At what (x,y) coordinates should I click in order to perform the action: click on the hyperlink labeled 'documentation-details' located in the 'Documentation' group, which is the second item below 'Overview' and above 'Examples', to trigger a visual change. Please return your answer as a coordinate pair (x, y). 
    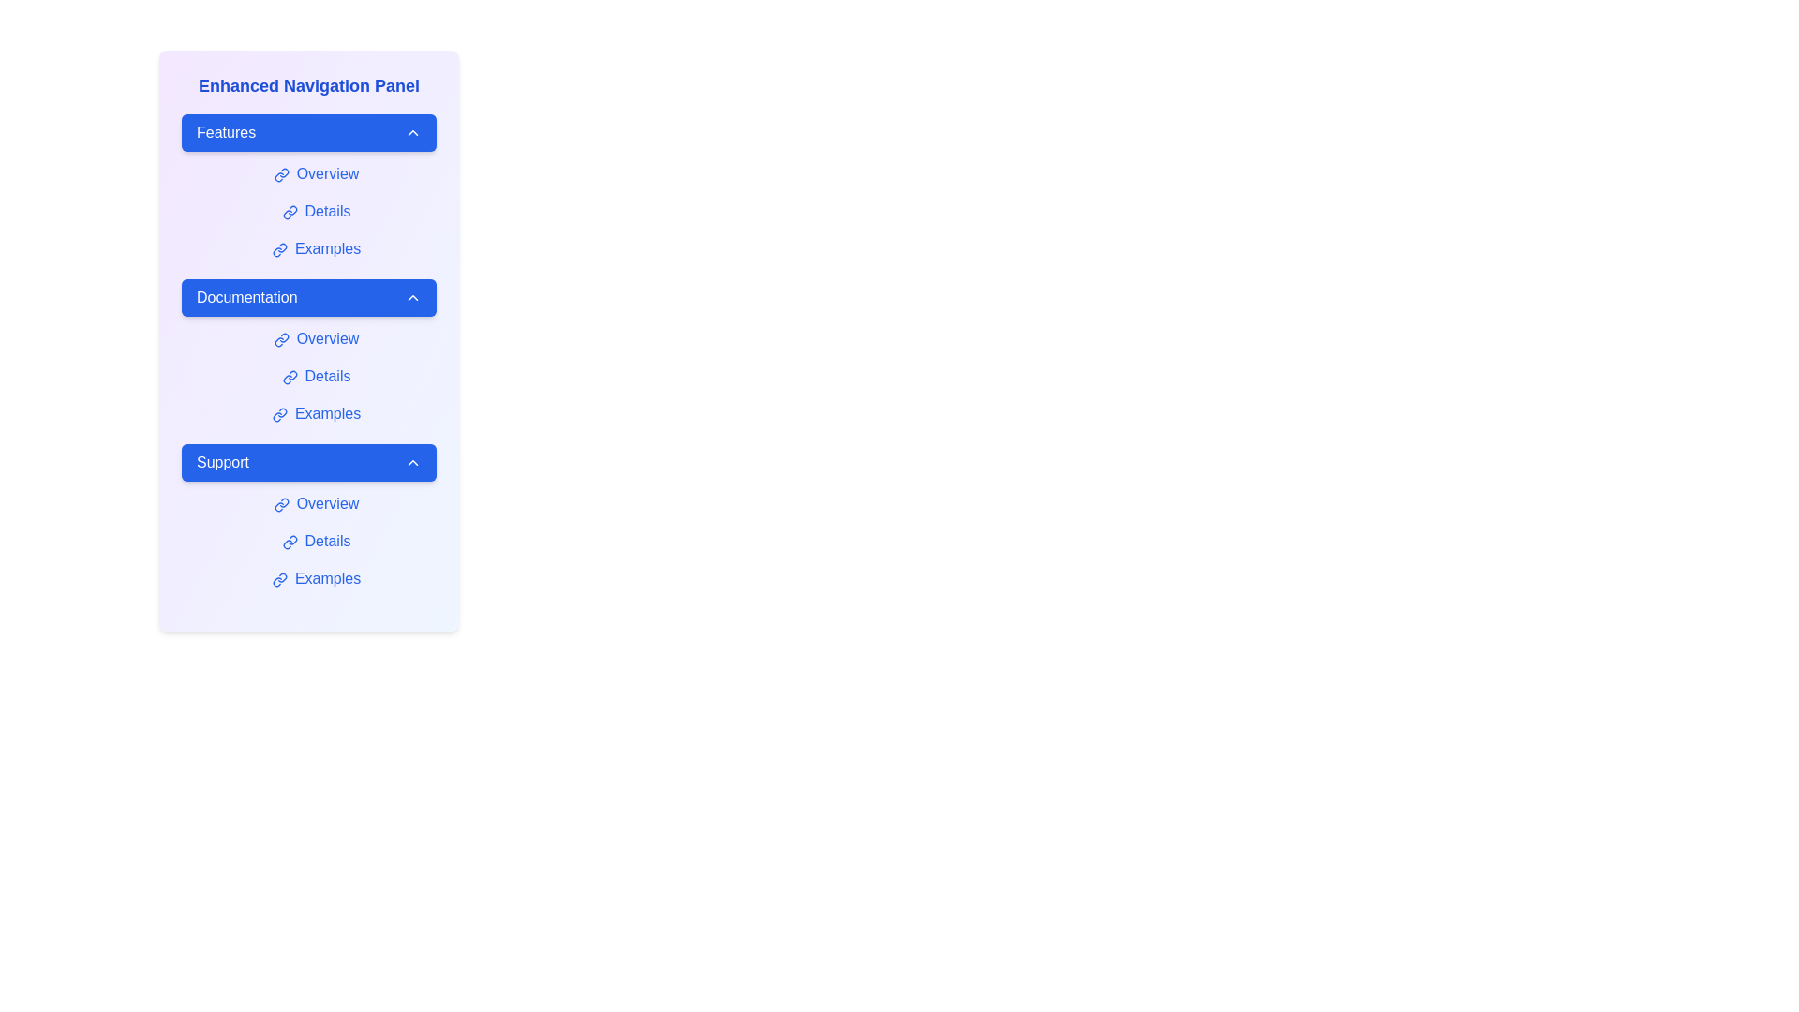
    Looking at the image, I should click on (316, 376).